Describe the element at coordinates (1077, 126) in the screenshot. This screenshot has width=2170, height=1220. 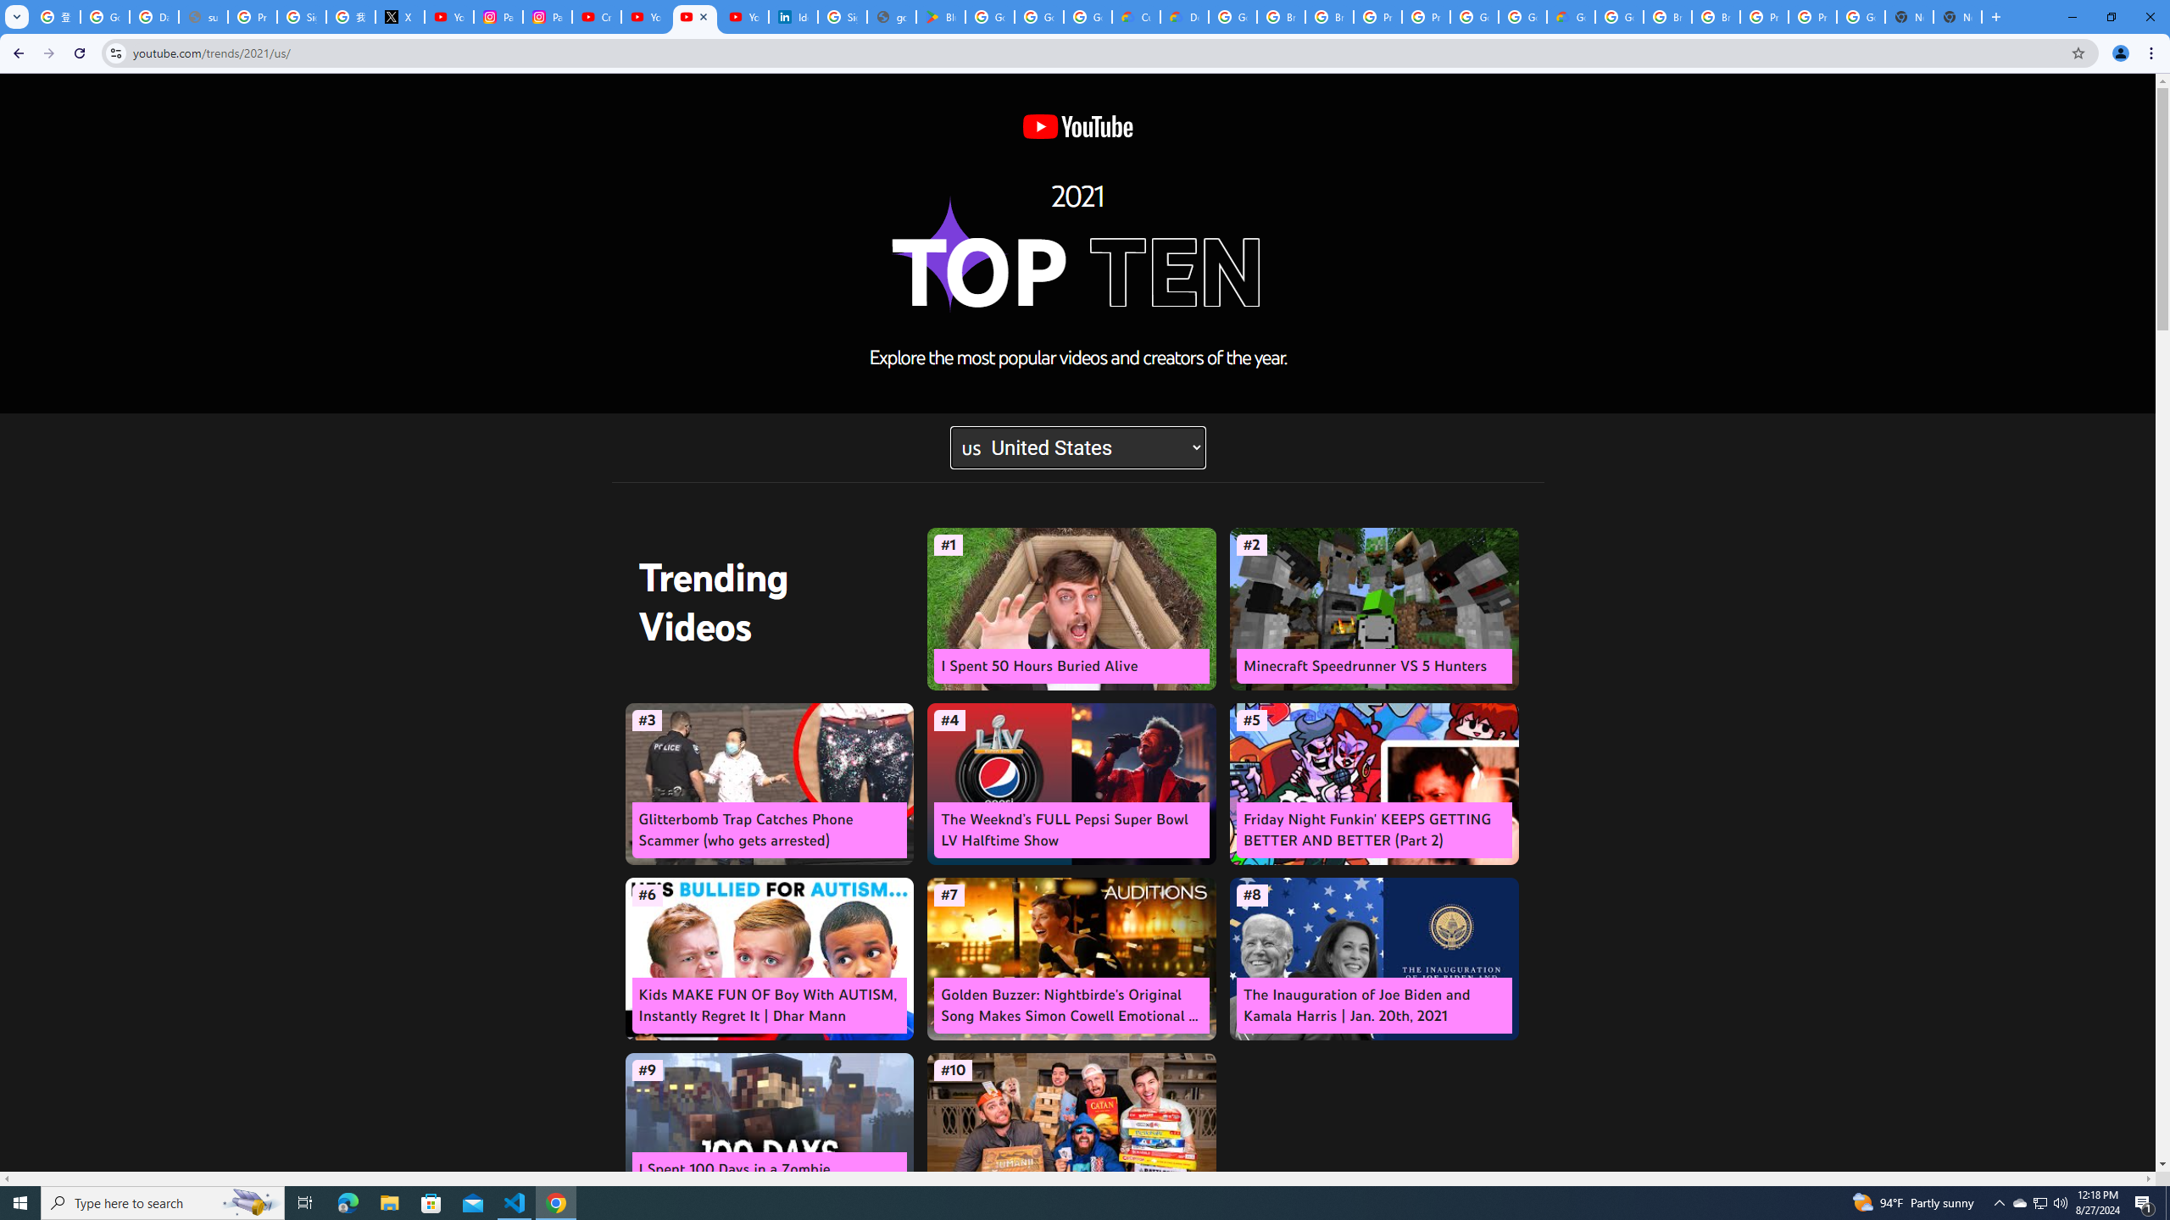
I see `'YouTube logo'` at that location.